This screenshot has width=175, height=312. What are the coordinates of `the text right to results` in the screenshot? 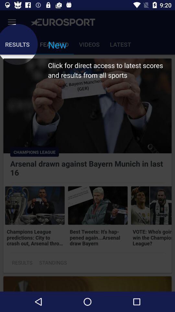 It's located at (52, 263).